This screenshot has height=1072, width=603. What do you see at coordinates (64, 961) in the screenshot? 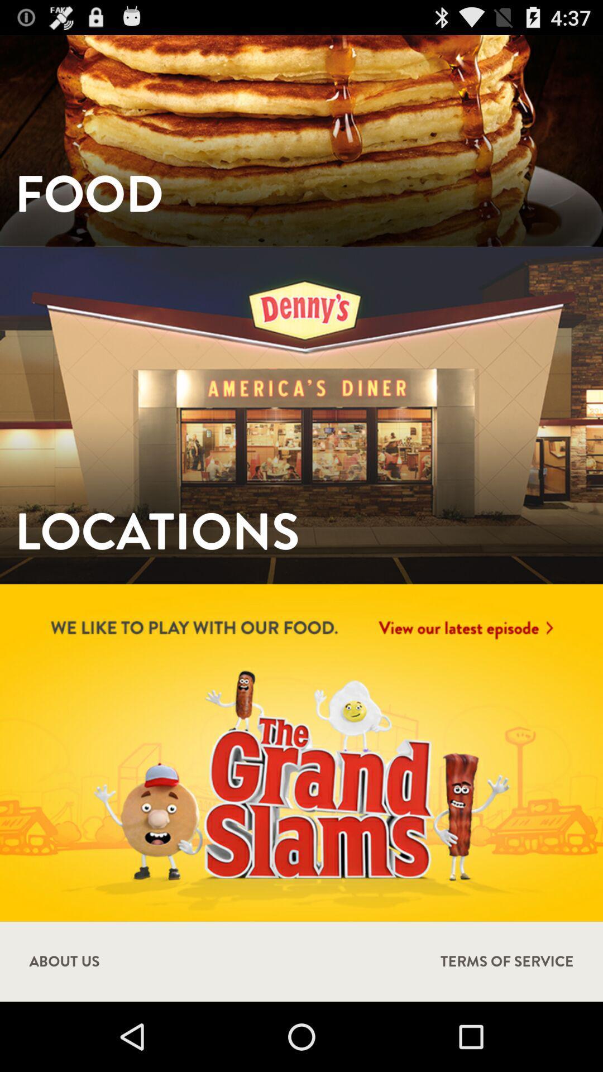
I see `item to the left of the terms of service item` at bounding box center [64, 961].